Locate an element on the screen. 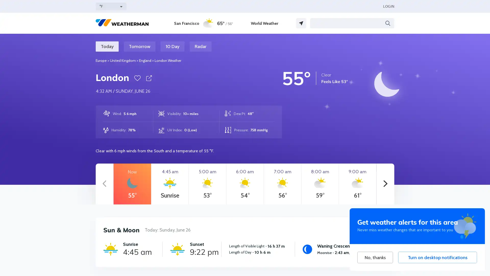 This screenshot has height=276, width=490. LOGIN is located at coordinates (388, 6).